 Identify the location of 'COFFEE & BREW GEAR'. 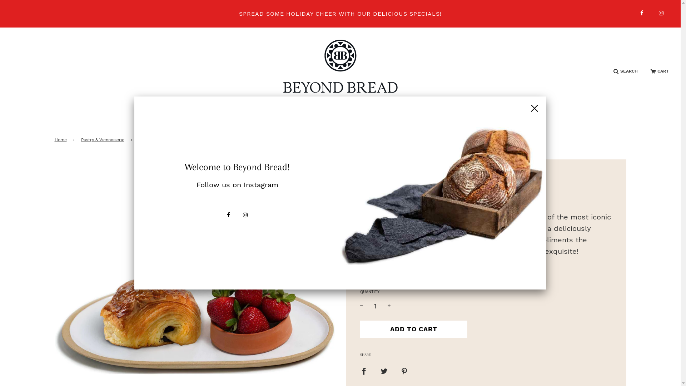
(297, 119).